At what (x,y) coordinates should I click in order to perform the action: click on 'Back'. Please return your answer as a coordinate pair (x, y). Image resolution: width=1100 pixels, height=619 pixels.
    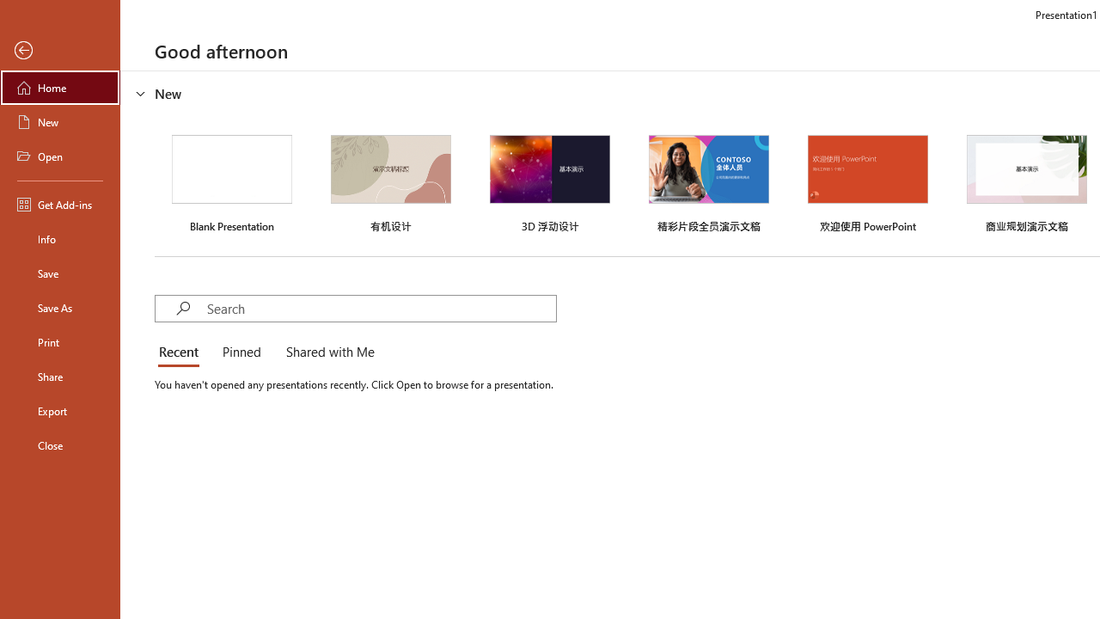
    Looking at the image, I should click on (59, 50).